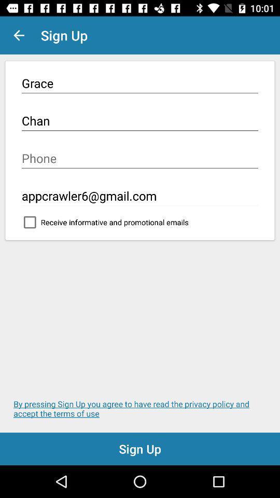  Describe the element at coordinates (140, 225) in the screenshot. I see `the button below appcrawler6gmailcom` at that location.